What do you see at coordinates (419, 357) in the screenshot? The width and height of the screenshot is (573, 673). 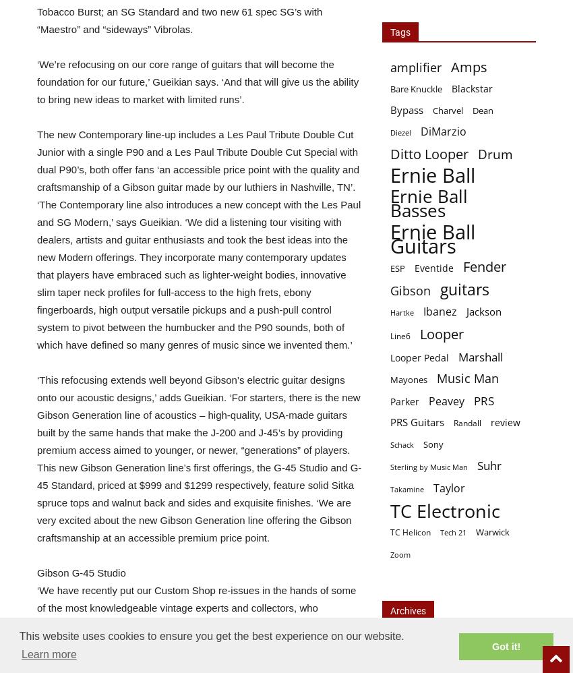 I see `'Looper Pedal'` at bounding box center [419, 357].